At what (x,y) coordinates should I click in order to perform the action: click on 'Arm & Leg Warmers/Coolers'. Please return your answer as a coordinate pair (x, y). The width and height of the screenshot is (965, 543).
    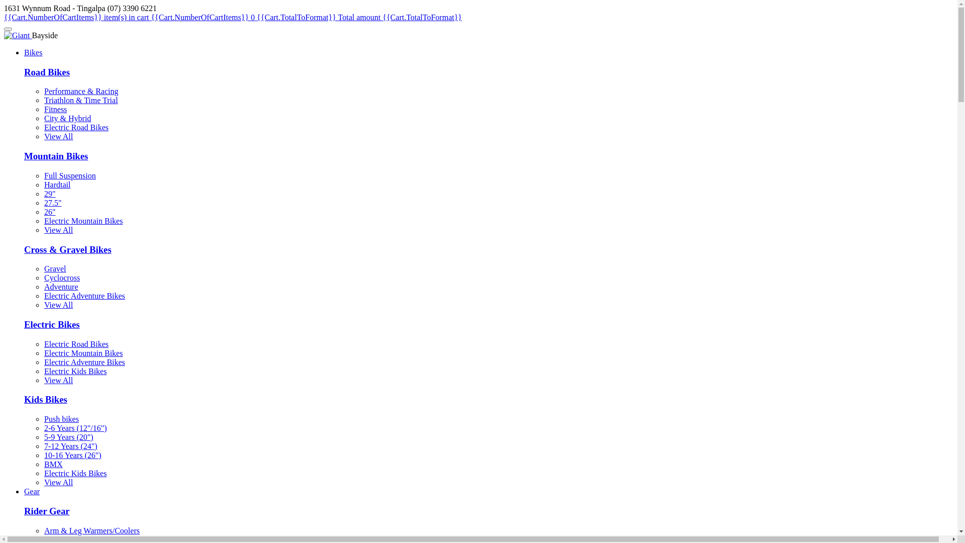
    Looking at the image, I should click on (43, 530).